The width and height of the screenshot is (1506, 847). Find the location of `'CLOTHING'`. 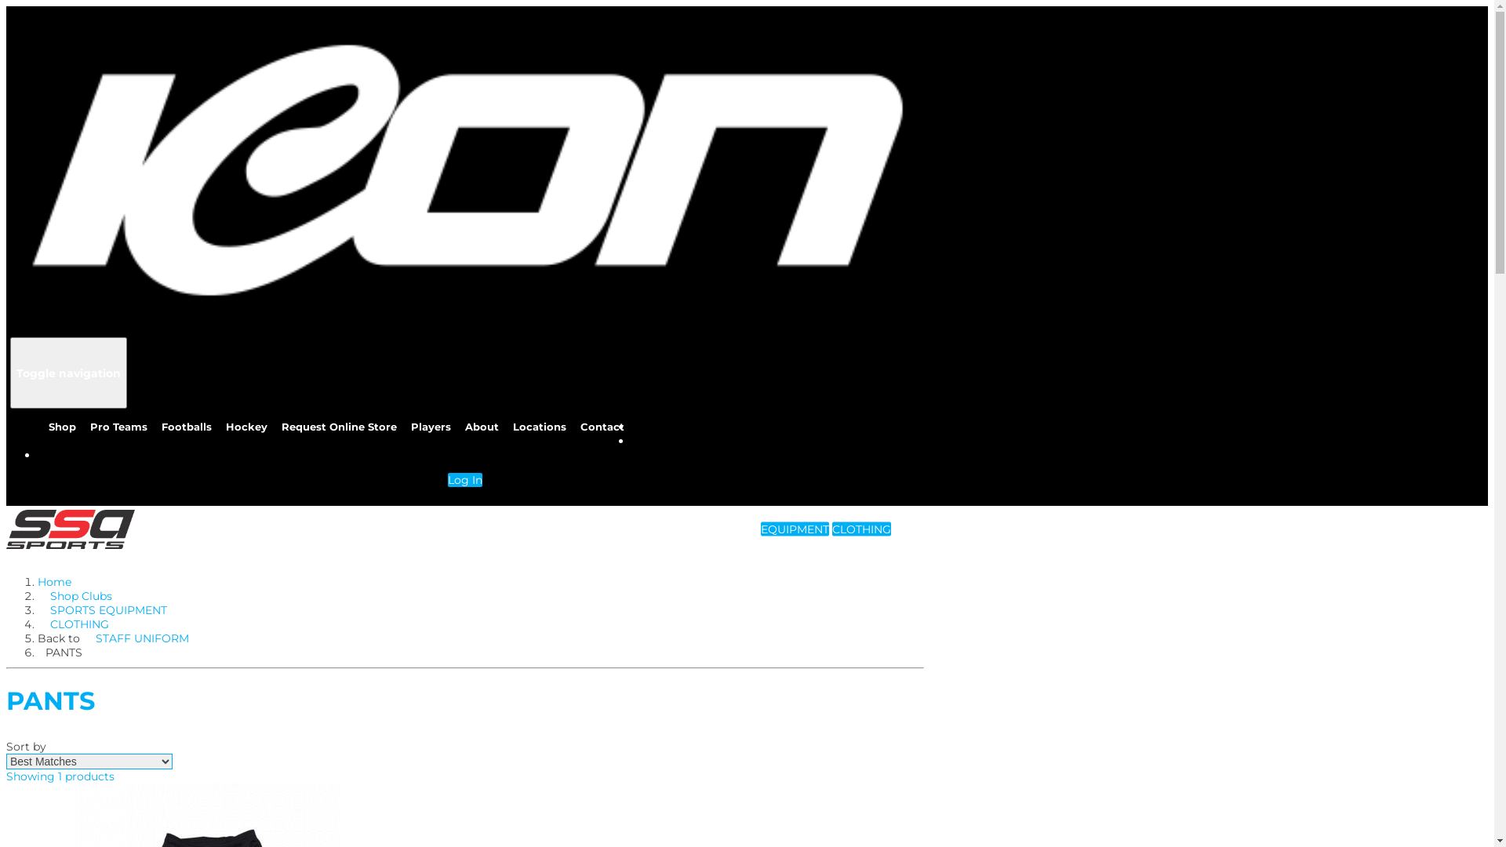

'CLOTHING' is located at coordinates (78, 623).